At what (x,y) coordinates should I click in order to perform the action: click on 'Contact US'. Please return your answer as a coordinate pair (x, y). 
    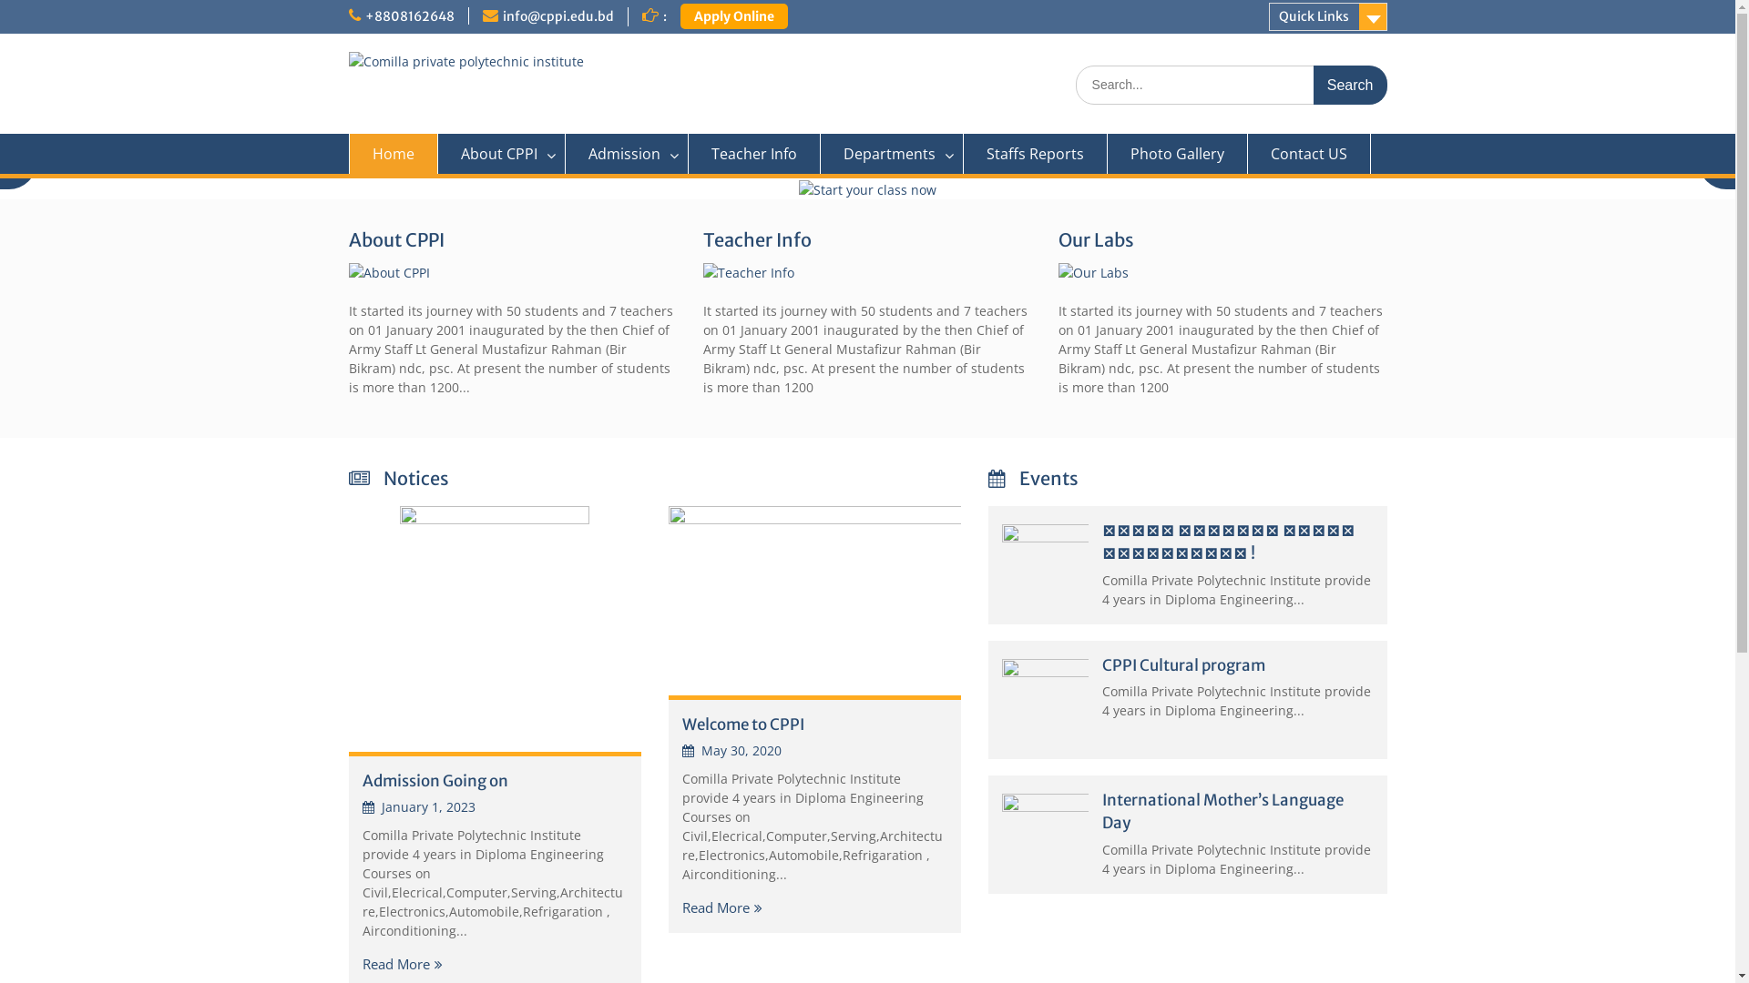
    Looking at the image, I should click on (1308, 153).